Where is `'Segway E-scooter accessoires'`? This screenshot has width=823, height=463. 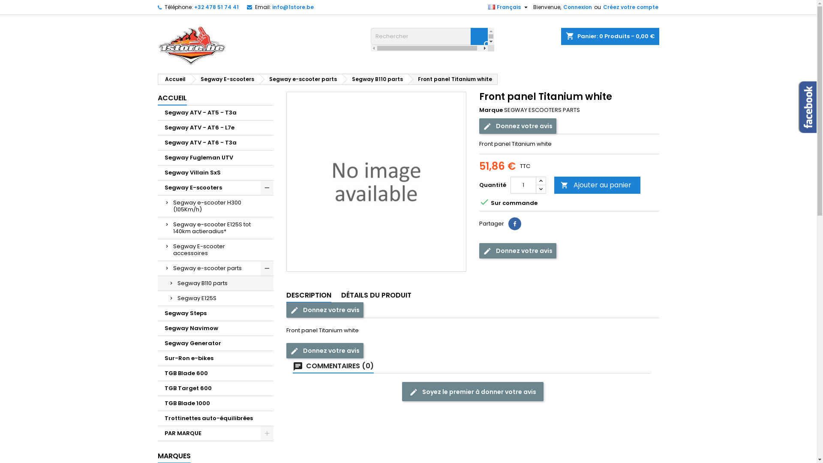
'Segway E-scooter accessoires' is located at coordinates (216, 250).